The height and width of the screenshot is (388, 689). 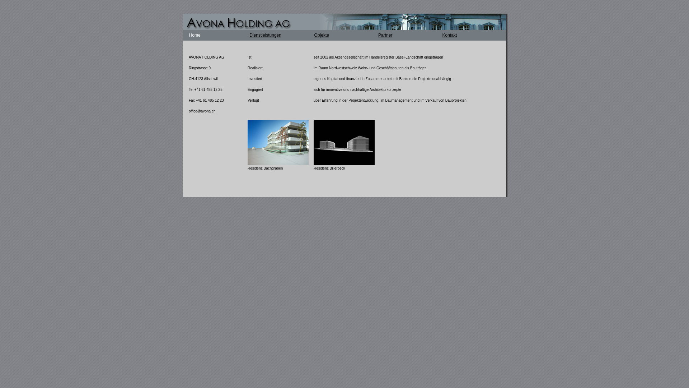 I want to click on 'Kontakt', so click(x=449, y=35).